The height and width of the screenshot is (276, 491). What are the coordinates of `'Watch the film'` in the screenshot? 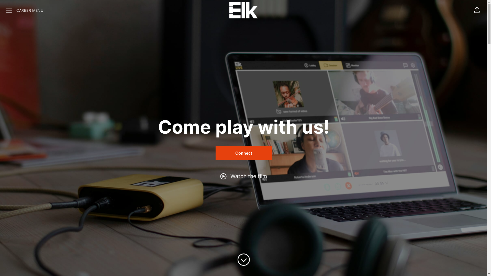 It's located at (243, 176).